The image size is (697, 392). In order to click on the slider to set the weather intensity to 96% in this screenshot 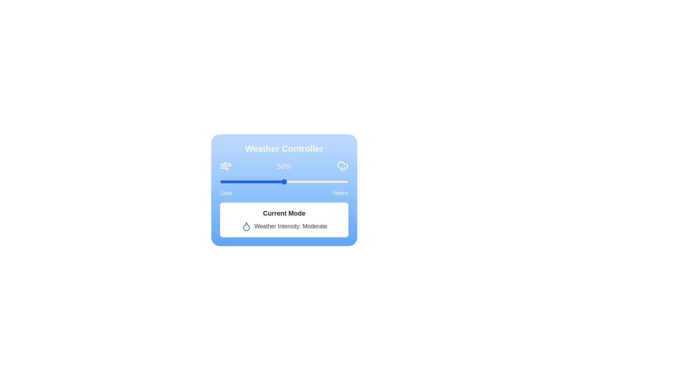, I will do `click(343, 181)`.